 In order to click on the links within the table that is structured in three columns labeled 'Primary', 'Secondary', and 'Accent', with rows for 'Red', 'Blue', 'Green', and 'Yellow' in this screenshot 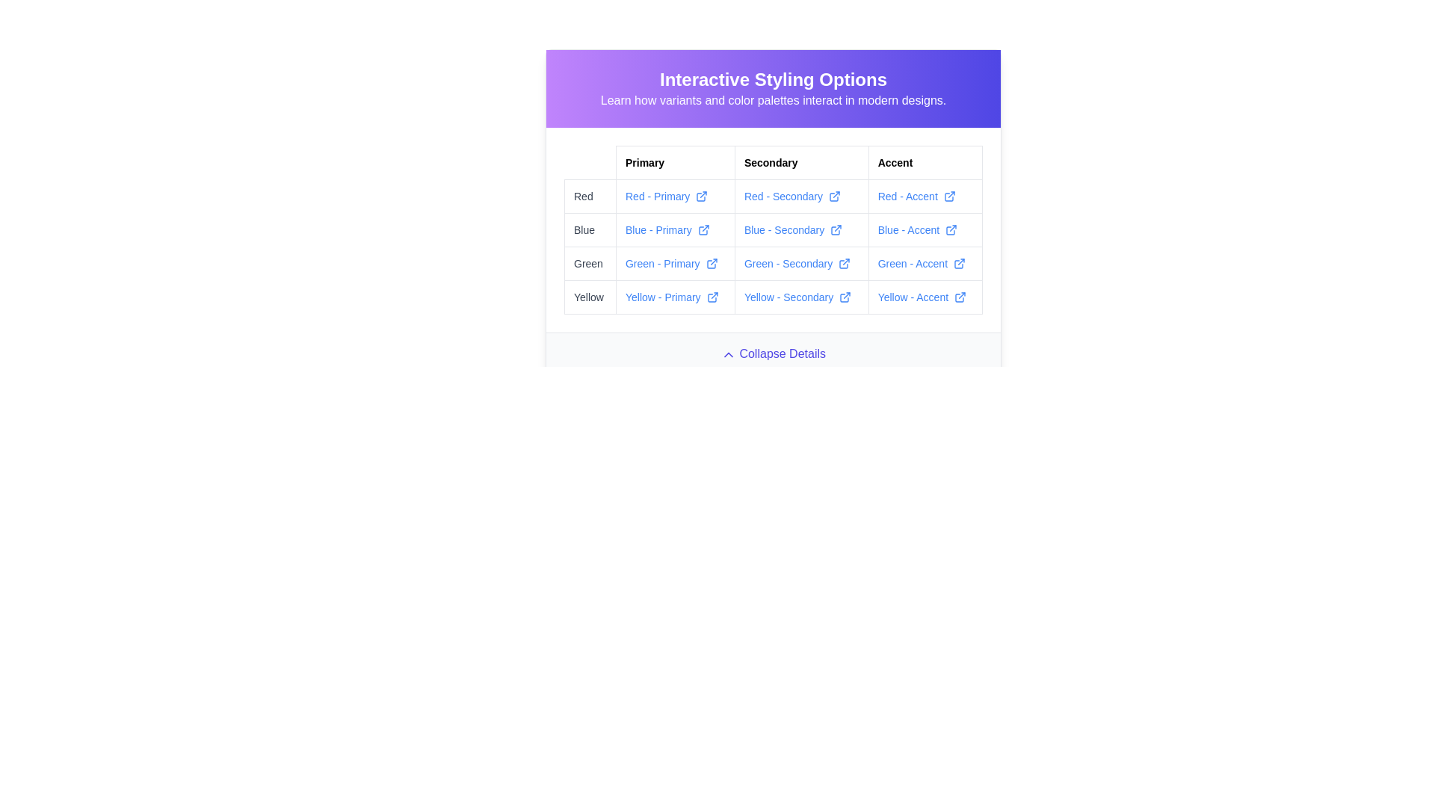, I will do `click(774, 230)`.